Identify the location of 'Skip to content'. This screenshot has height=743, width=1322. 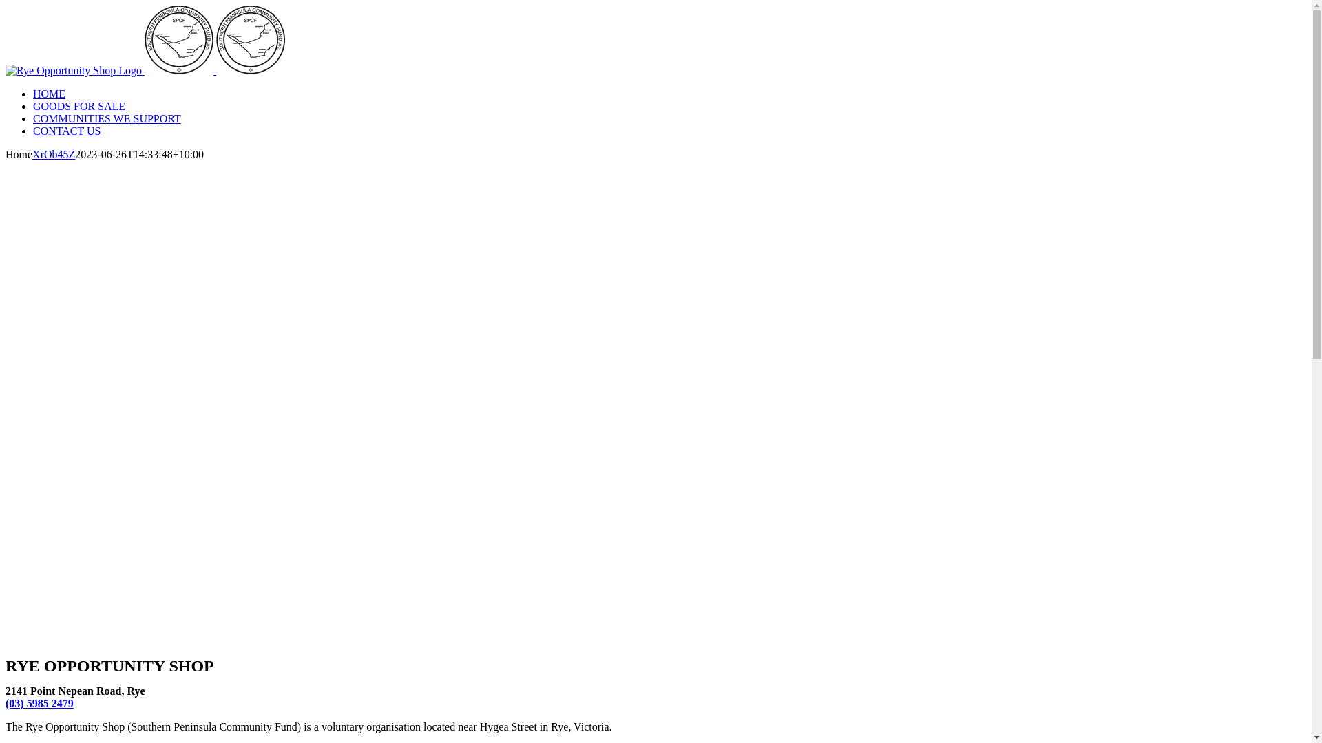
(4, 5).